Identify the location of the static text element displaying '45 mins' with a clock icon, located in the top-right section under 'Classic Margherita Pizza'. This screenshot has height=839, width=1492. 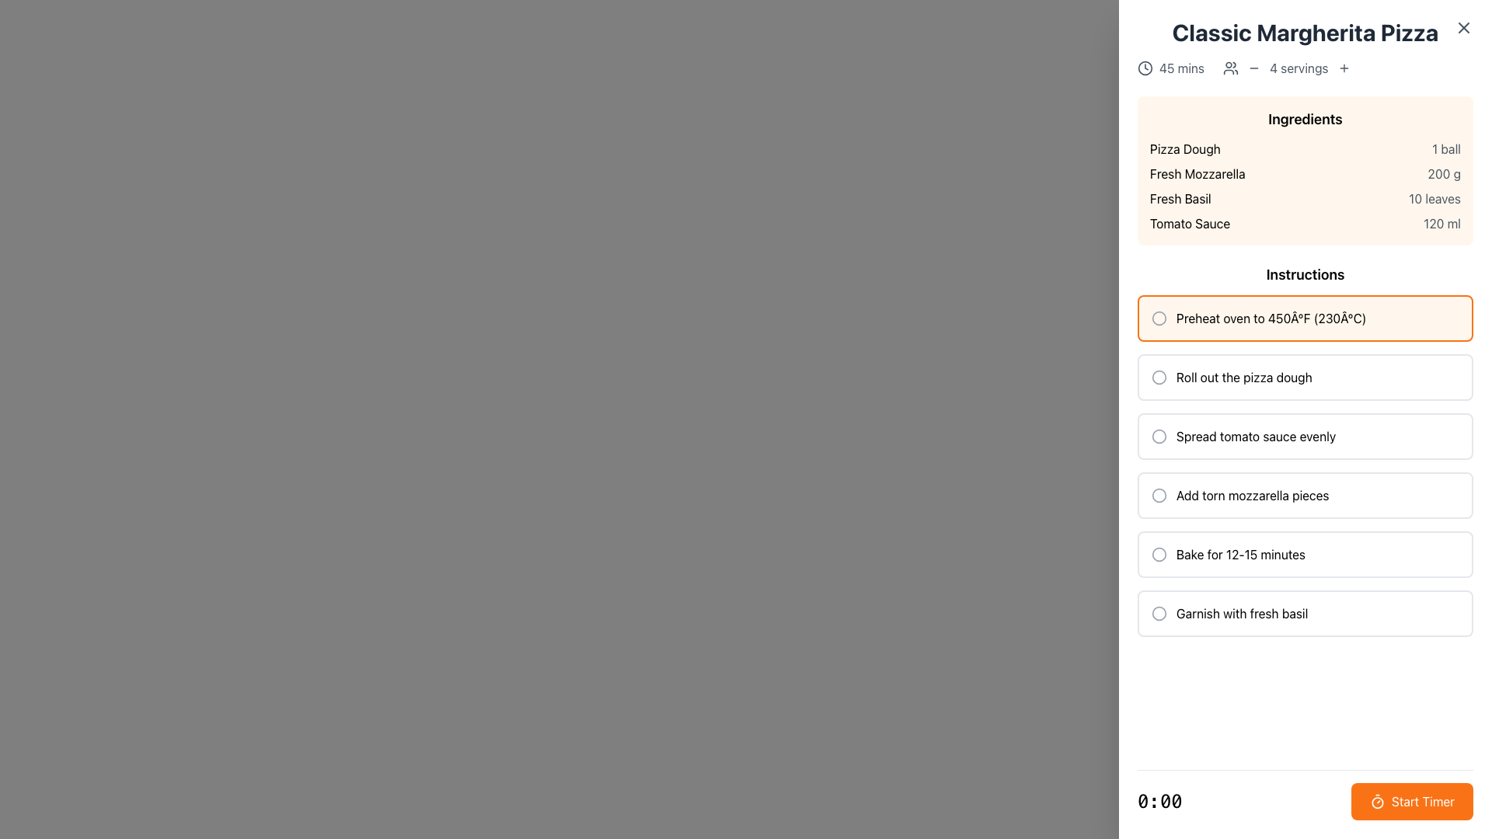
(1171, 68).